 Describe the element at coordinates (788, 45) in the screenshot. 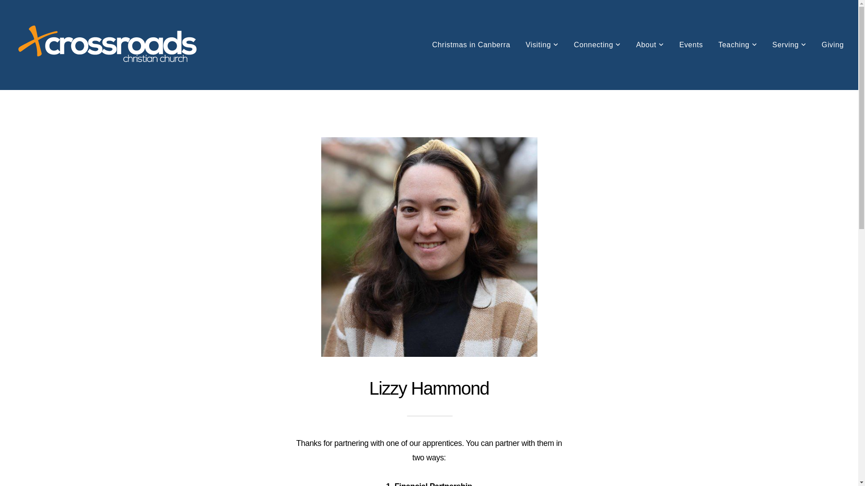

I see `'Serving '` at that location.